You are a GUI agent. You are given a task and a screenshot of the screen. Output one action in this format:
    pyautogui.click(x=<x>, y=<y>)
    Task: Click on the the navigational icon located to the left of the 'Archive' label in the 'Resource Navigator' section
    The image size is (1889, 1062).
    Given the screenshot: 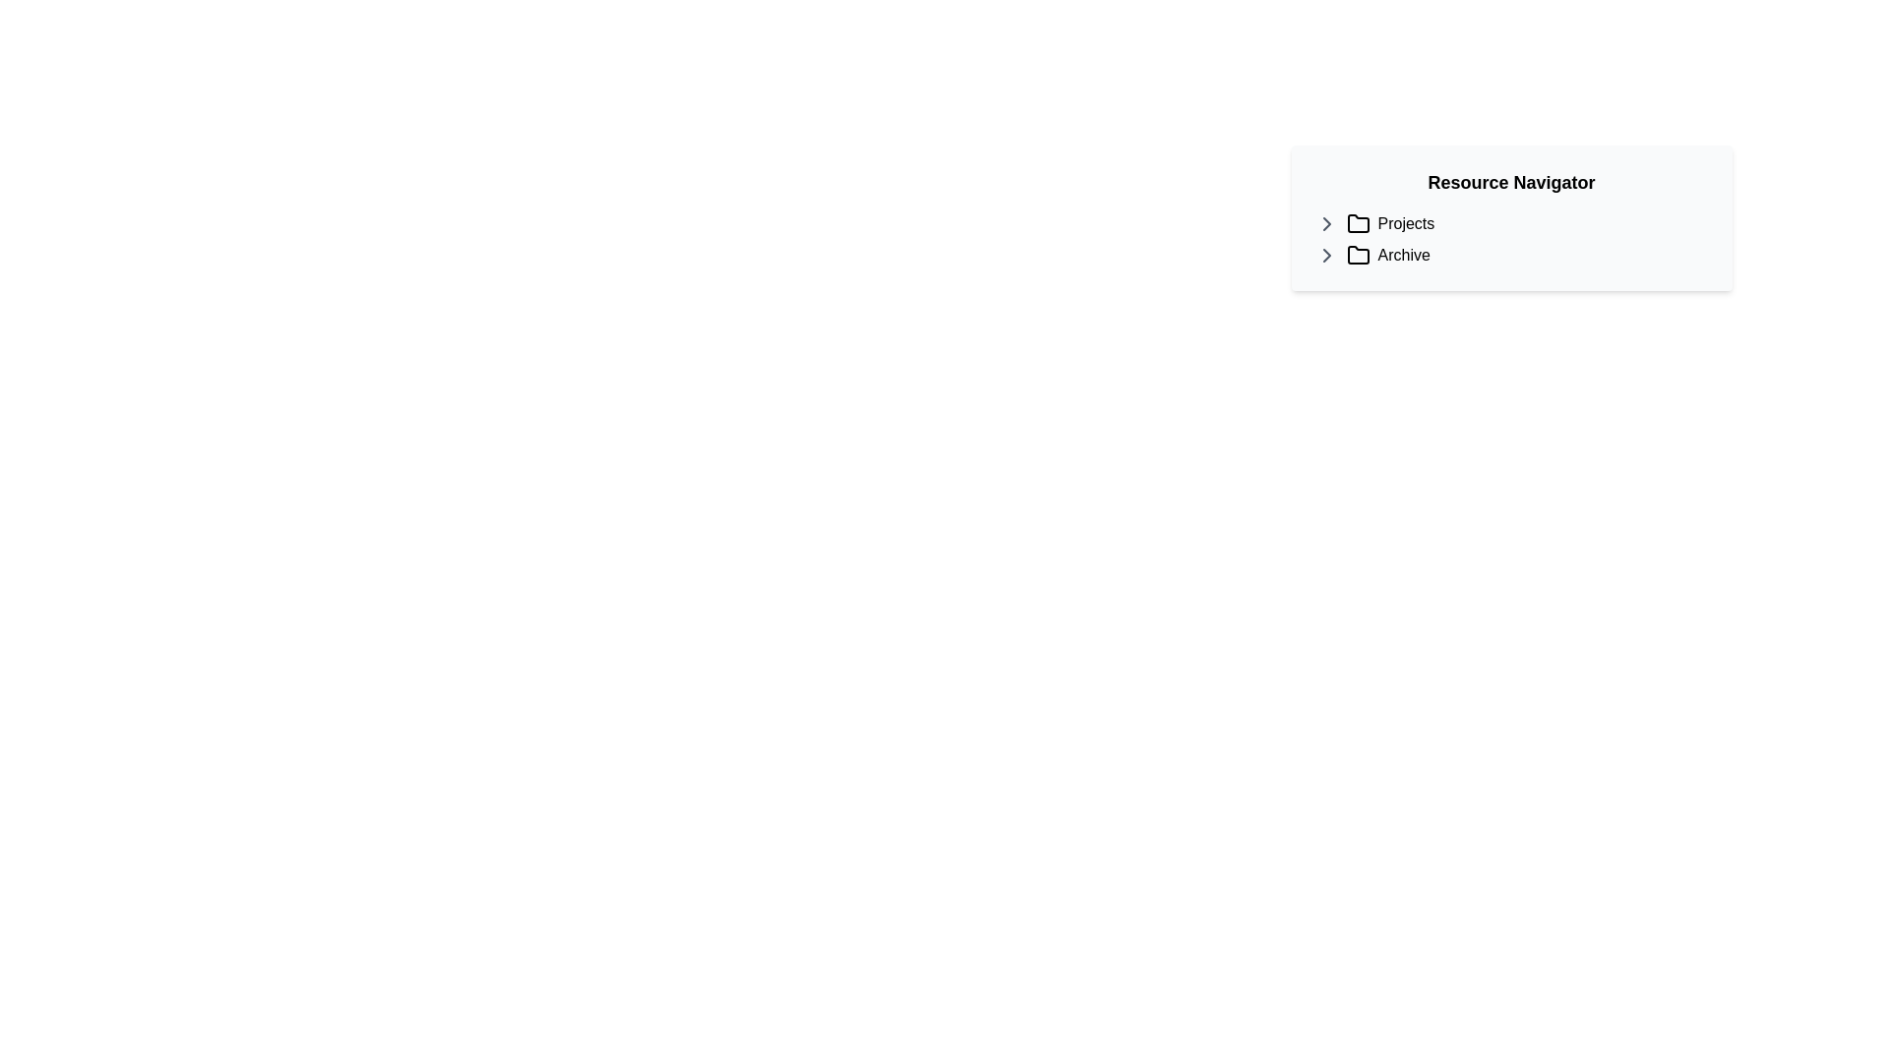 What is the action you would take?
    pyautogui.click(x=1326, y=254)
    